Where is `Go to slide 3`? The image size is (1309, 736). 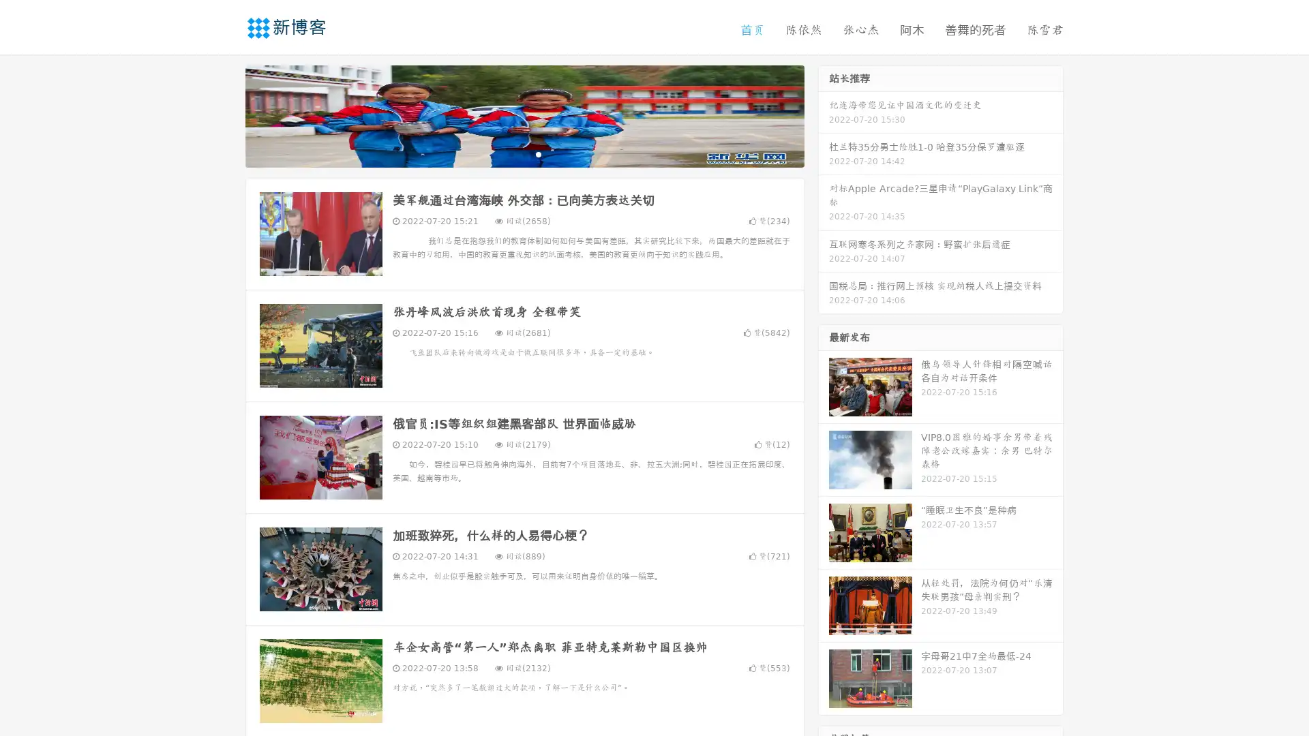 Go to slide 3 is located at coordinates (538, 153).